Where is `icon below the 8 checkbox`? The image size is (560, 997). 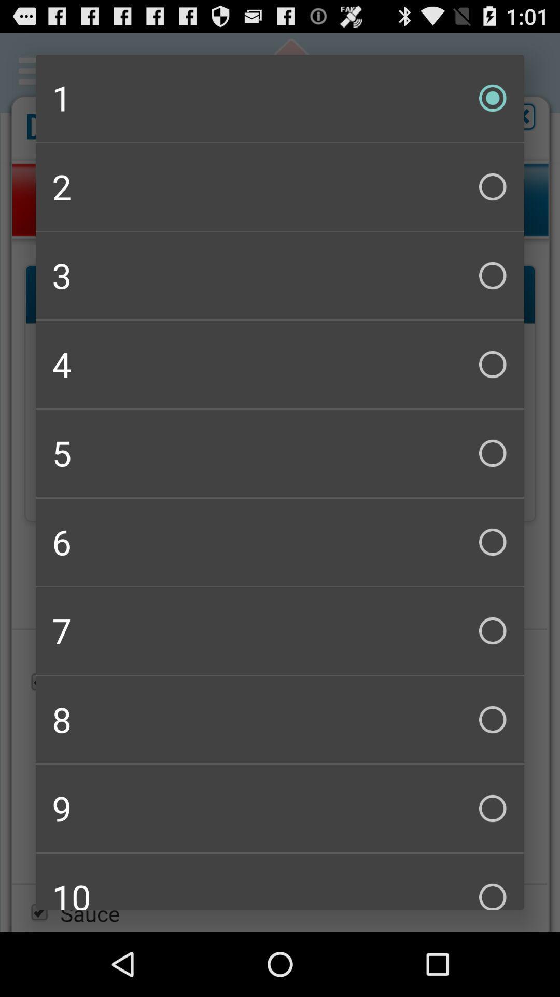
icon below the 8 checkbox is located at coordinates (280, 807).